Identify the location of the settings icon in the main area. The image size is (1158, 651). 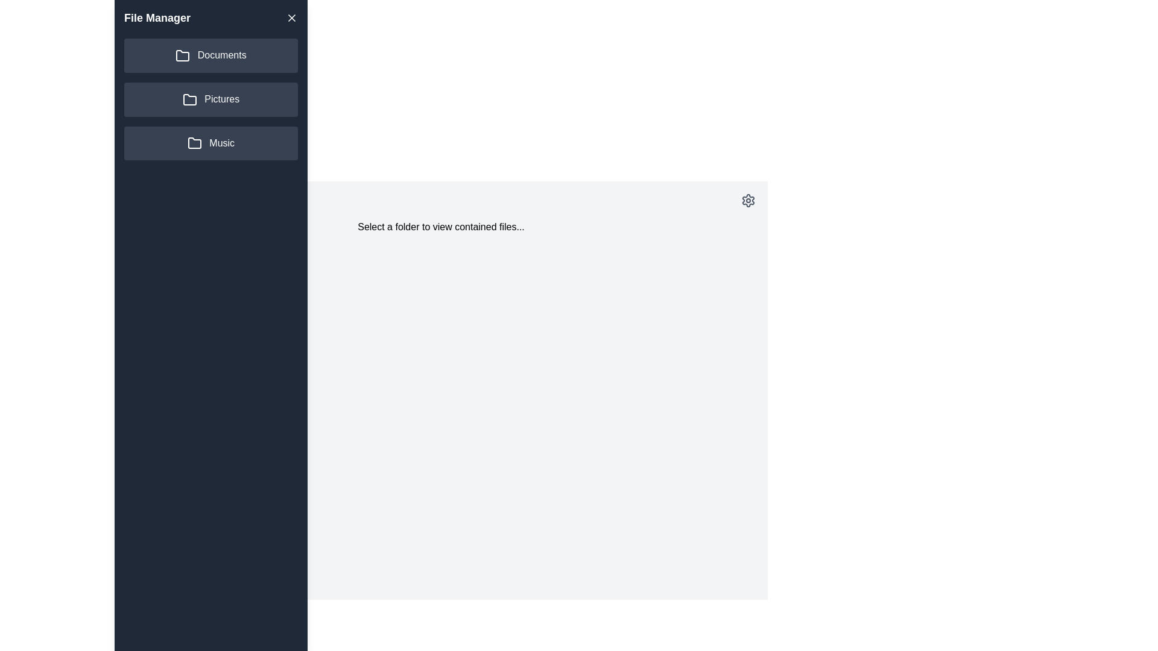
(748, 200).